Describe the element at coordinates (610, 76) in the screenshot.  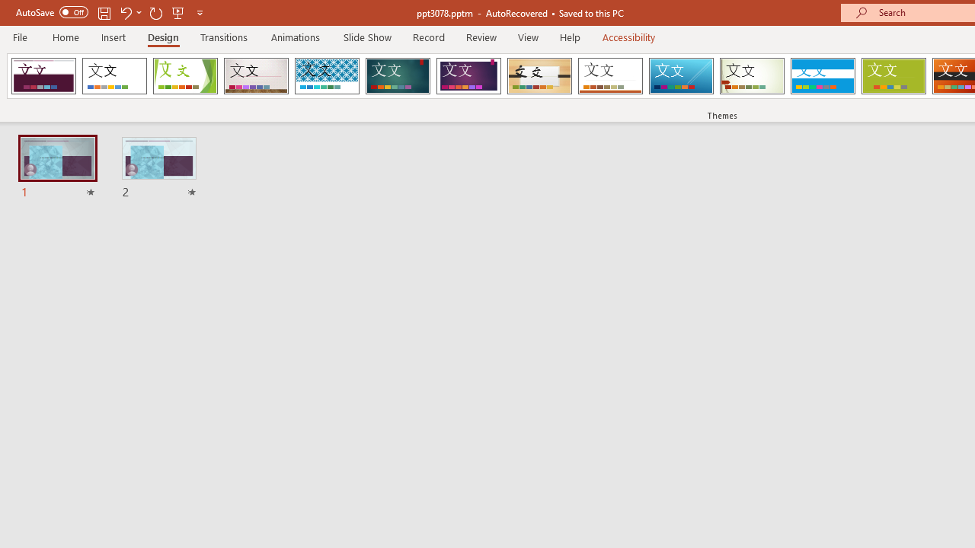
I see `'Retrospect'` at that location.